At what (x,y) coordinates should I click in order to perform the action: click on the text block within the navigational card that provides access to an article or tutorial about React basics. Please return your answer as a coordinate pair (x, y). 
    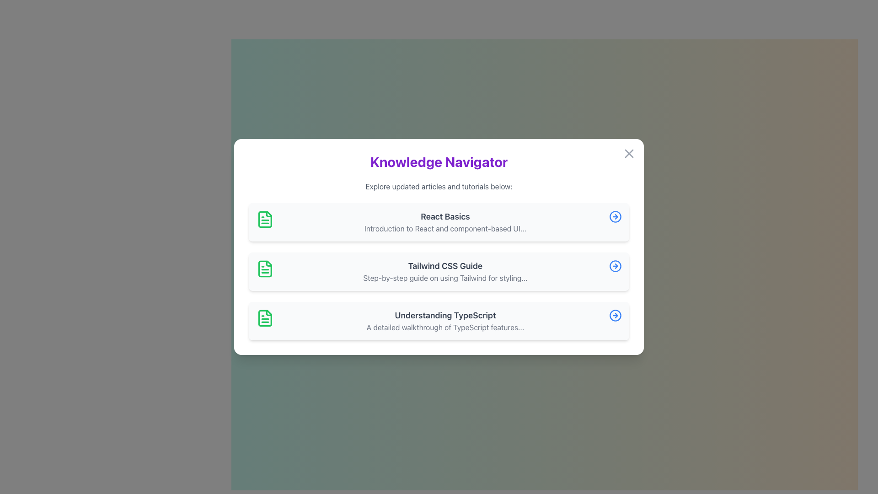
    Looking at the image, I should click on (445, 222).